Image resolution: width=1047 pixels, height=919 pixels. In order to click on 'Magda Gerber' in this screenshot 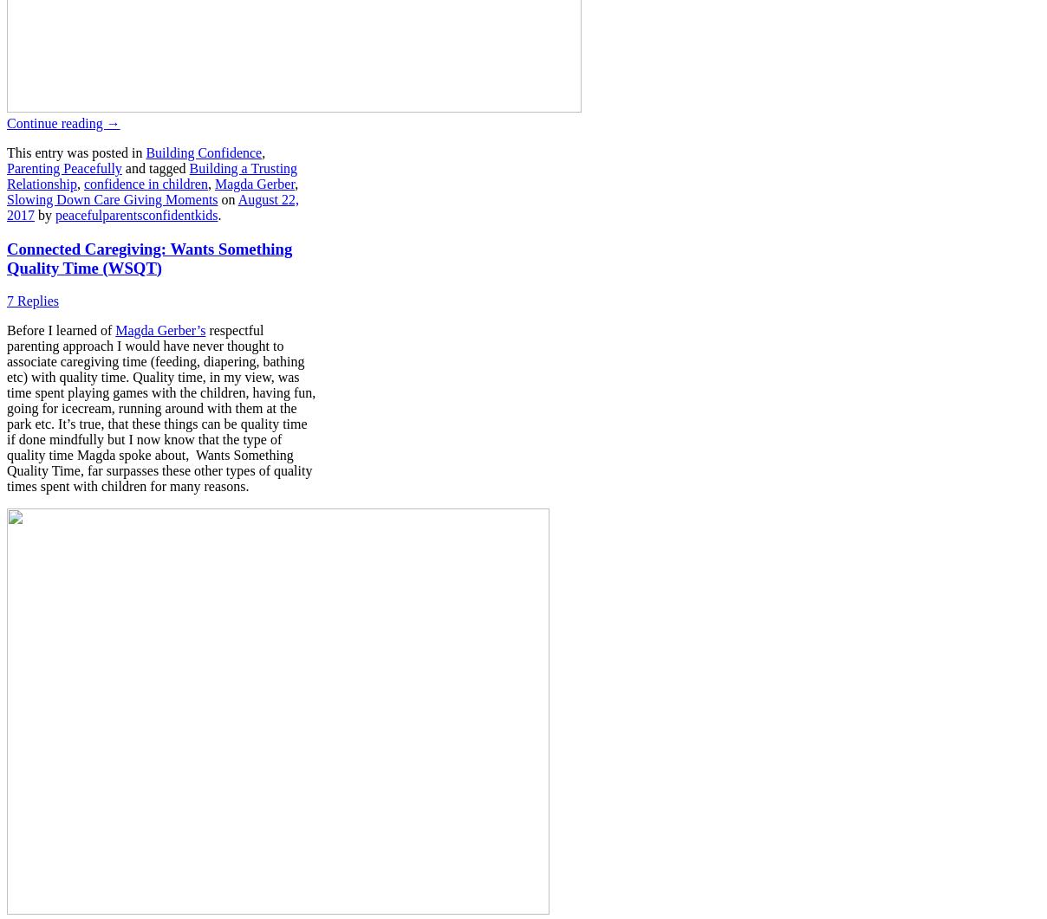, I will do `click(254, 182)`.